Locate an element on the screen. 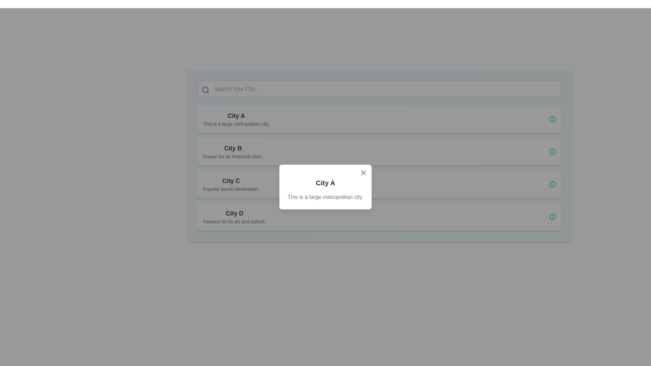  the title text of the second list item that identifies a city, positioned above the description 'Known for its historical sites.' is located at coordinates (233, 148).